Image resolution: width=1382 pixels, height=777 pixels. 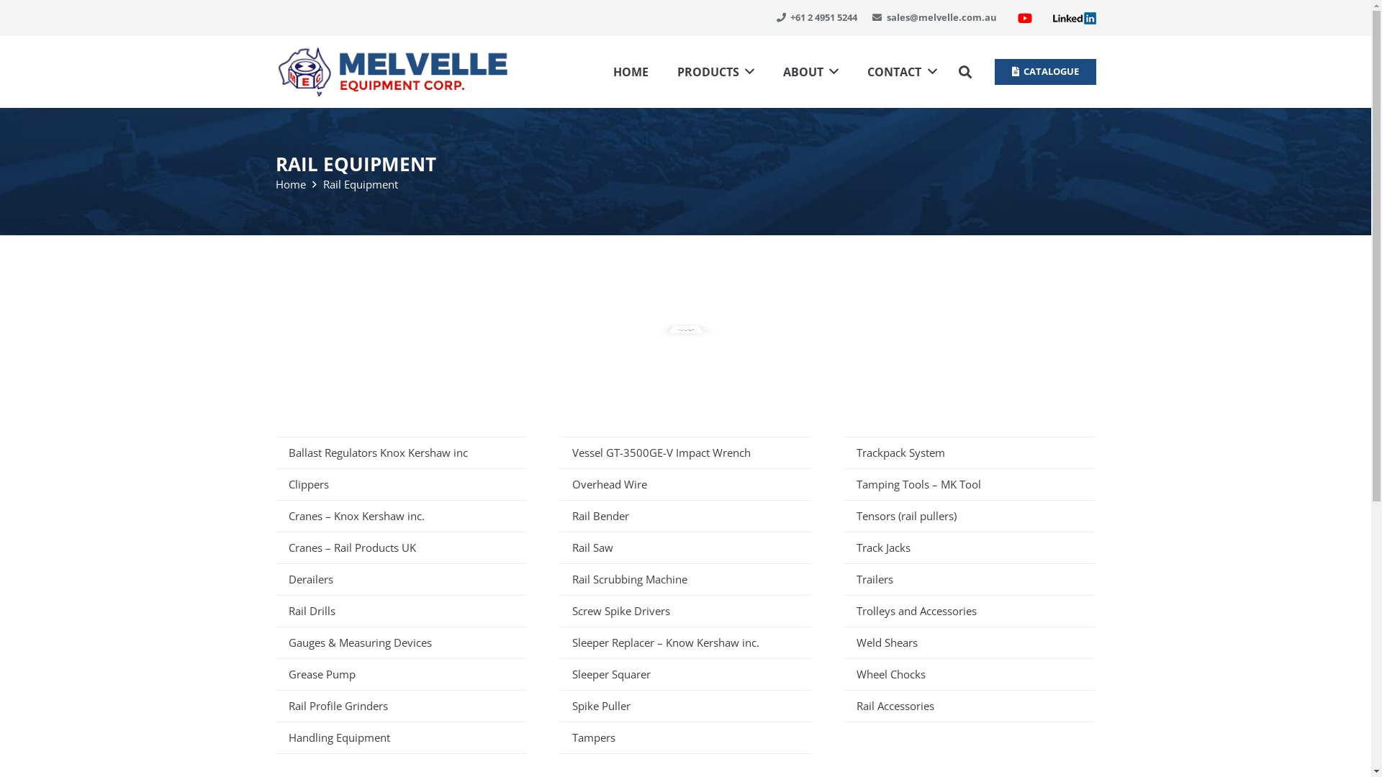 What do you see at coordinates (934, 17) in the screenshot?
I see `'sales@melvelle.com.au'` at bounding box center [934, 17].